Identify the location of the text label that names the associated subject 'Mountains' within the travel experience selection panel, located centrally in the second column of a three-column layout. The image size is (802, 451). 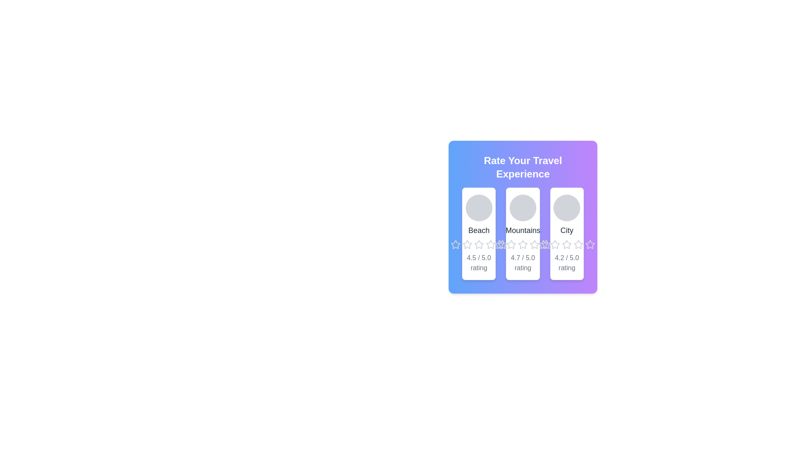
(523, 230).